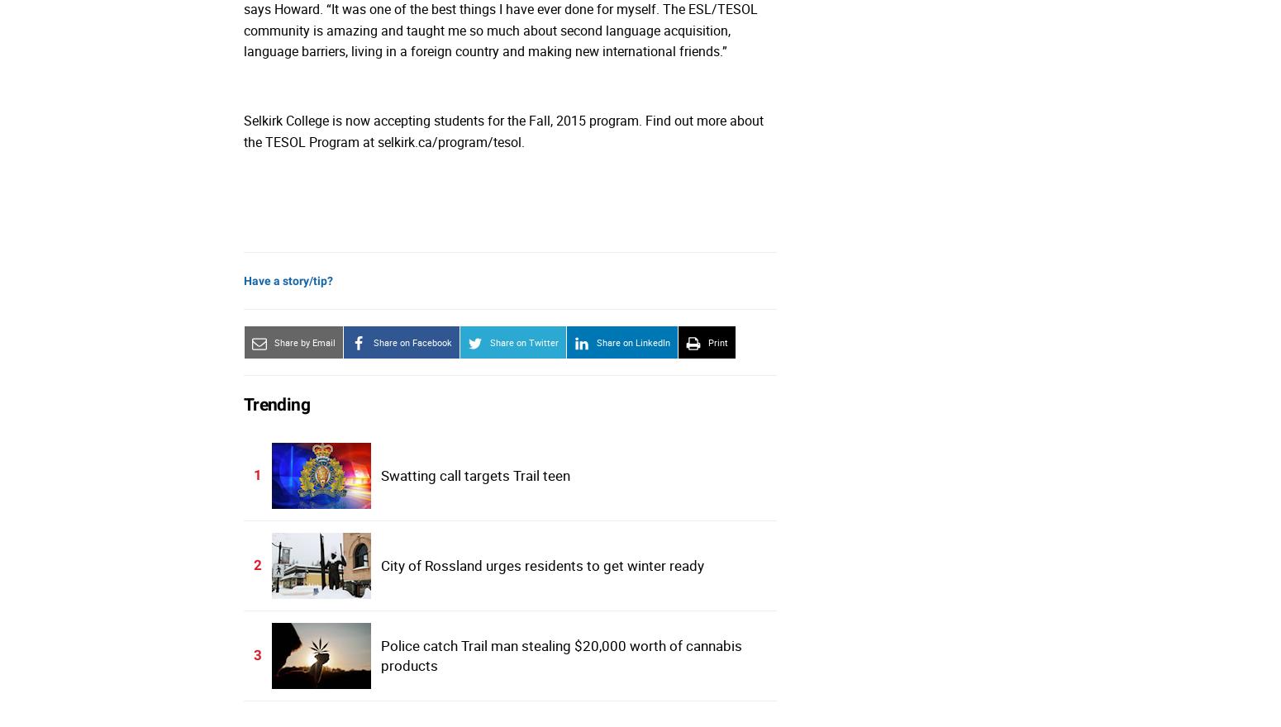 The width and height of the screenshot is (1281, 727). What do you see at coordinates (717, 342) in the screenshot?
I see `'Print'` at bounding box center [717, 342].